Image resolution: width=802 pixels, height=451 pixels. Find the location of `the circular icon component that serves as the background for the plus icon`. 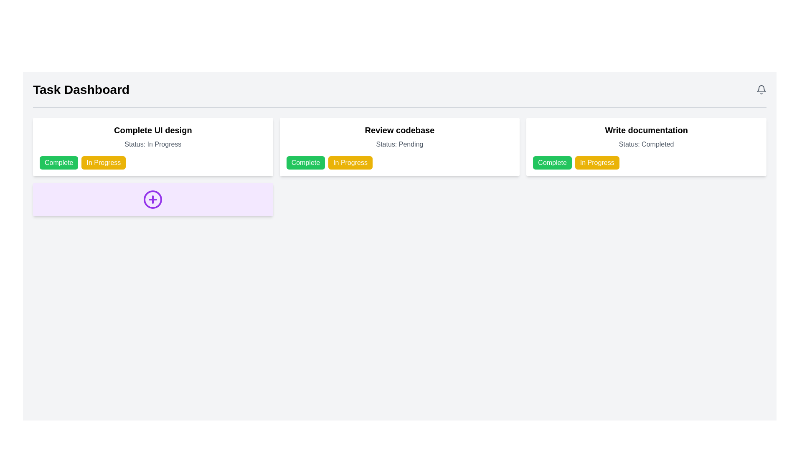

the circular icon component that serves as the background for the plus icon is located at coordinates (153, 200).